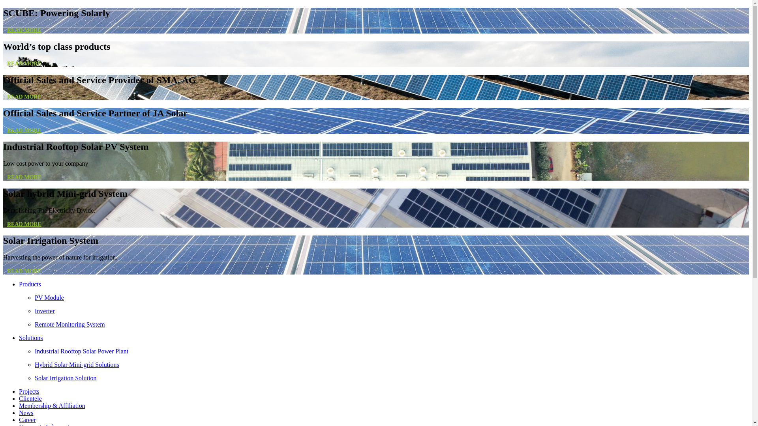  What do you see at coordinates (30, 398) in the screenshot?
I see `'Clientele'` at bounding box center [30, 398].